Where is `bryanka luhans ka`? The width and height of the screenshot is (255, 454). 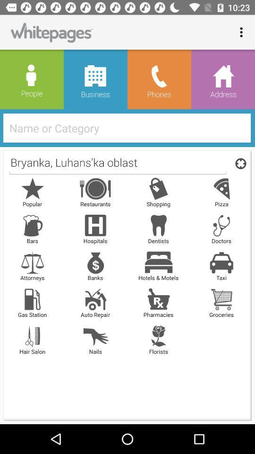 bryanka luhans ka is located at coordinates (118, 163).